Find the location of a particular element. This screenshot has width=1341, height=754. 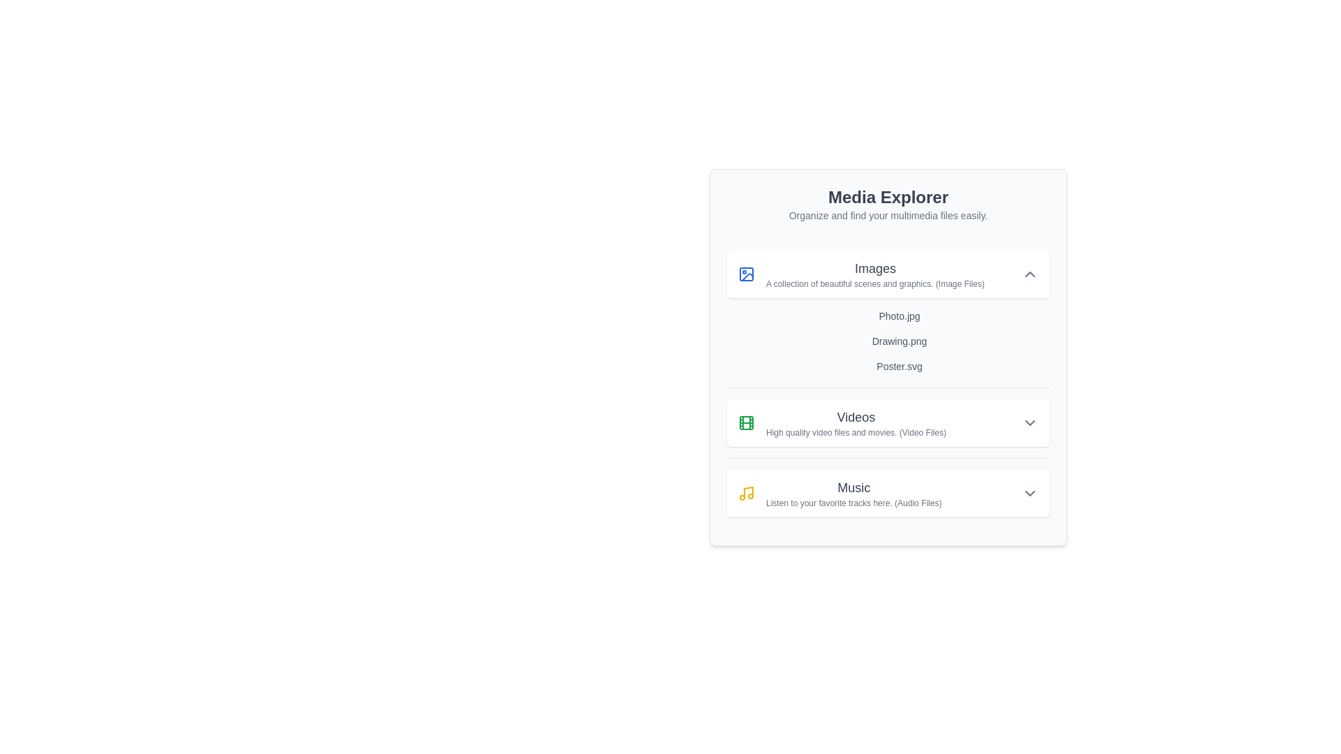

the Text block that introduces the video files section, located beneath the 'Images' section and above the 'Music' section in the 'Media Explorer' is located at coordinates (855, 422).